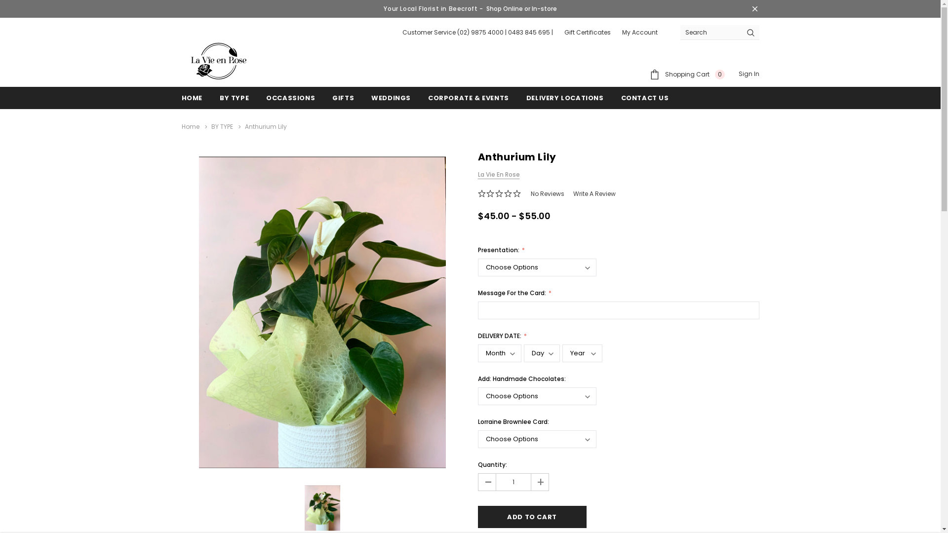 Image resolution: width=948 pixels, height=533 pixels. Describe the element at coordinates (525, 98) in the screenshot. I see `'DELIVERY LOCATIONS'` at that location.